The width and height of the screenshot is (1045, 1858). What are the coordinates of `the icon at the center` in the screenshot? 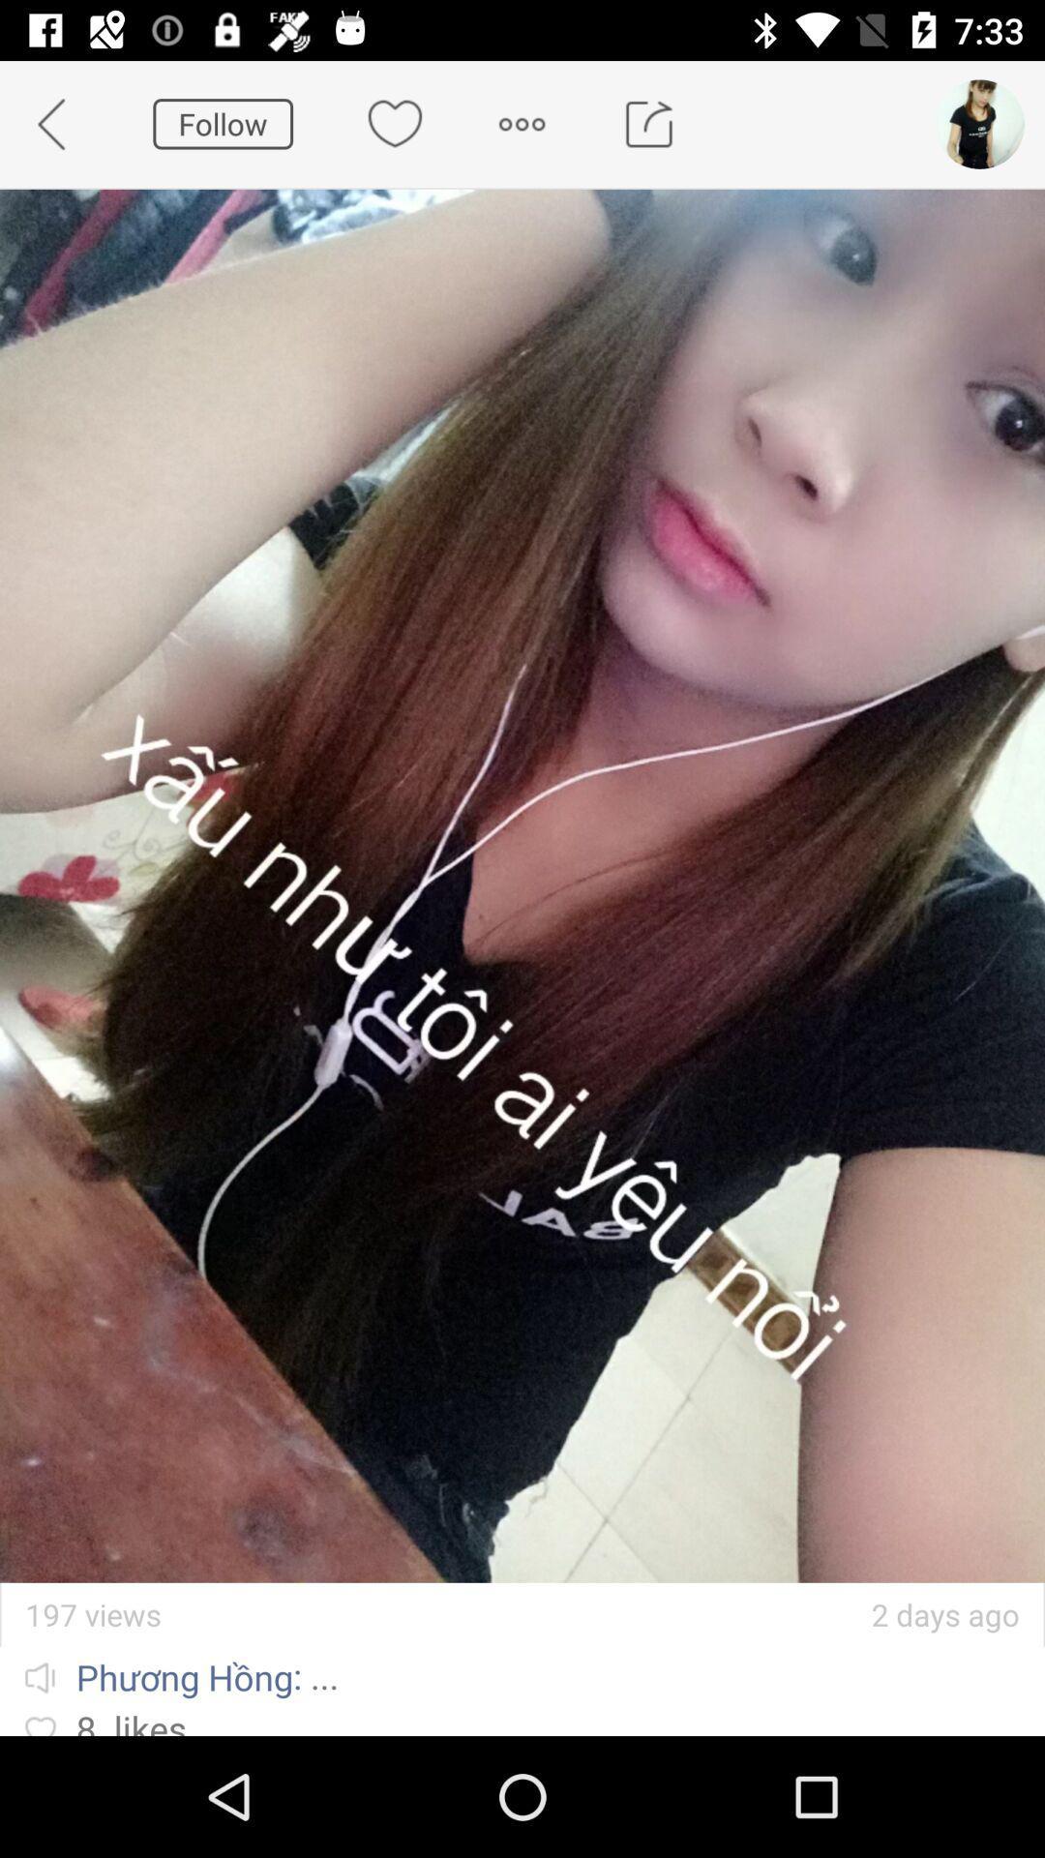 It's located at (522, 884).